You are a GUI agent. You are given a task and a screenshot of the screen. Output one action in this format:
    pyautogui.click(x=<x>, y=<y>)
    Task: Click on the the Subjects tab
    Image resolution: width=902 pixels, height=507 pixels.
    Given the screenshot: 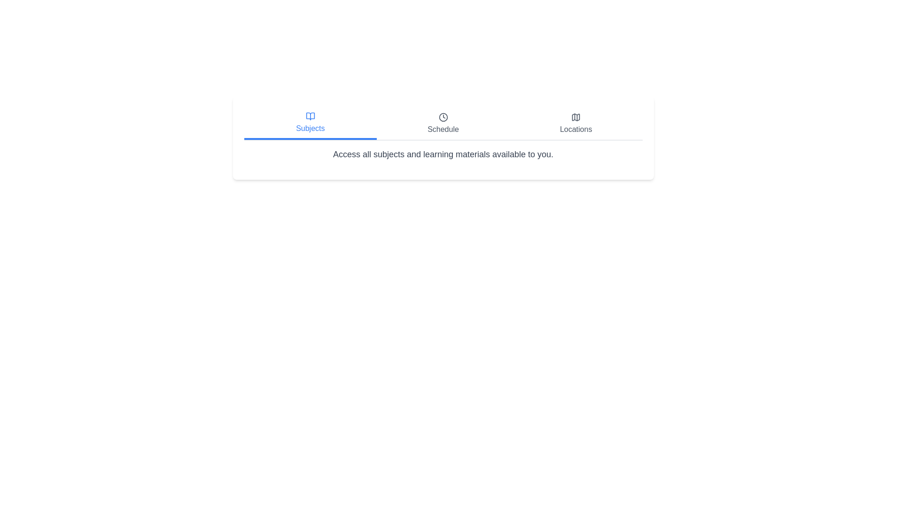 What is the action you would take?
    pyautogui.click(x=310, y=123)
    